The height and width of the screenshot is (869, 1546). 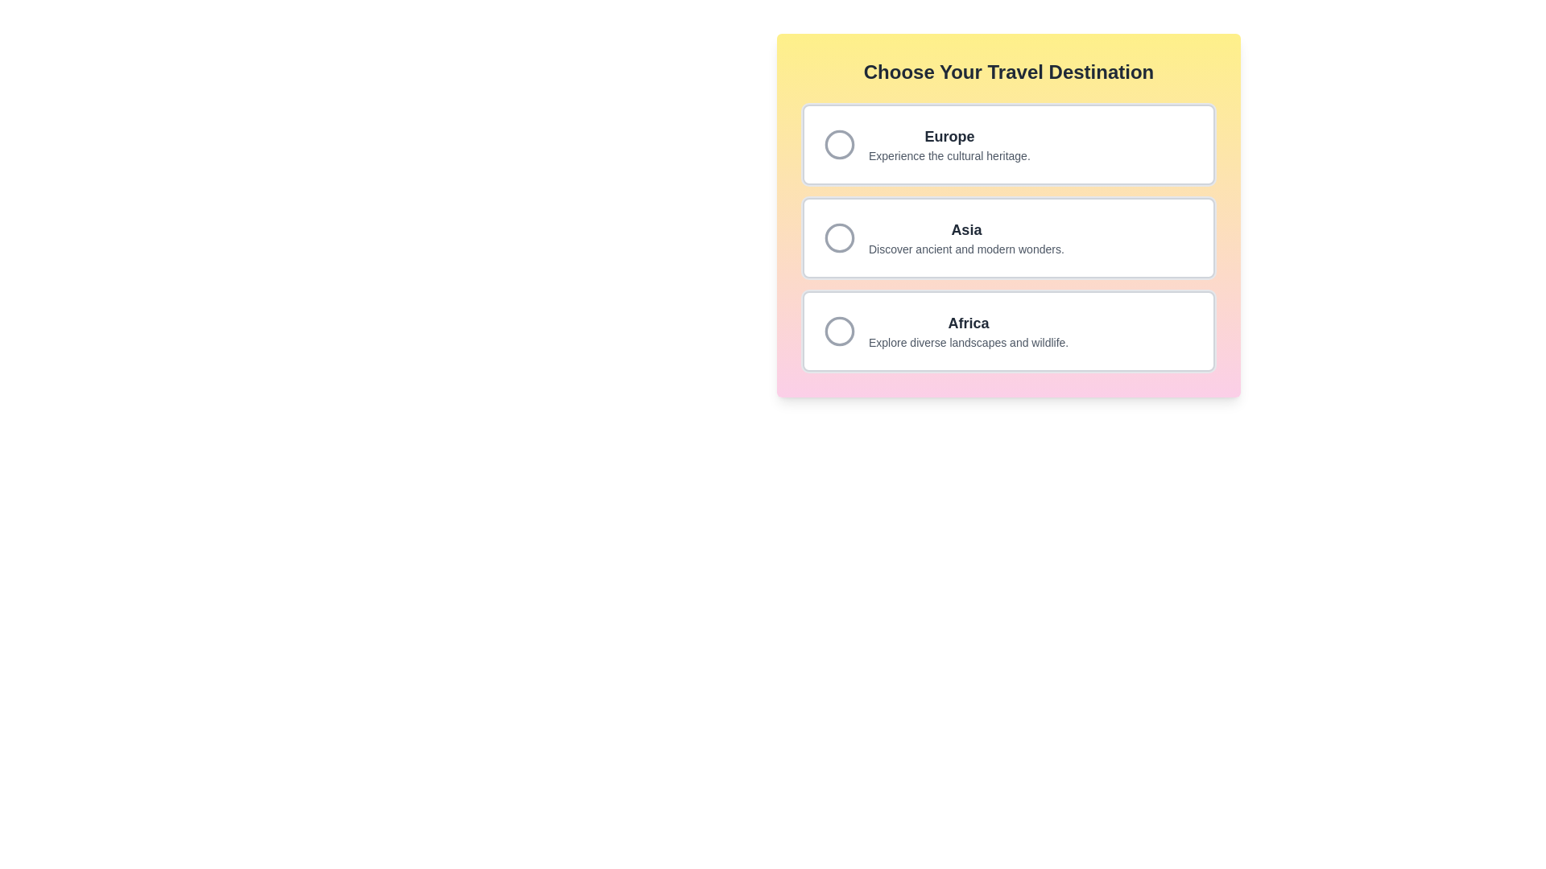 What do you see at coordinates (1007, 238) in the screenshot?
I see `to select the 'Asia' destination card, which features a white background, rounded corners, and contains the title 'Asia' in bold, dark text` at bounding box center [1007, 238].